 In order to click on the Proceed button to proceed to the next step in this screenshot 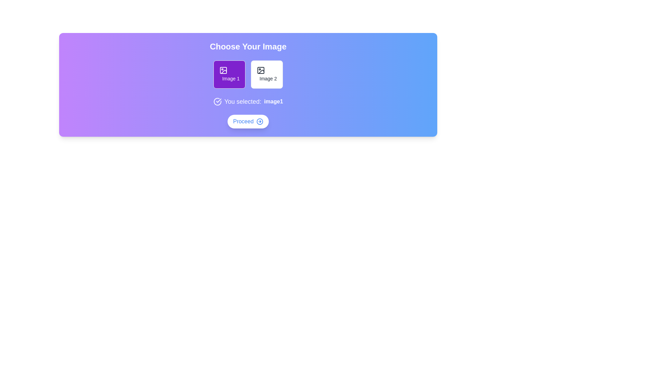, I will do `click(247, 121)`.